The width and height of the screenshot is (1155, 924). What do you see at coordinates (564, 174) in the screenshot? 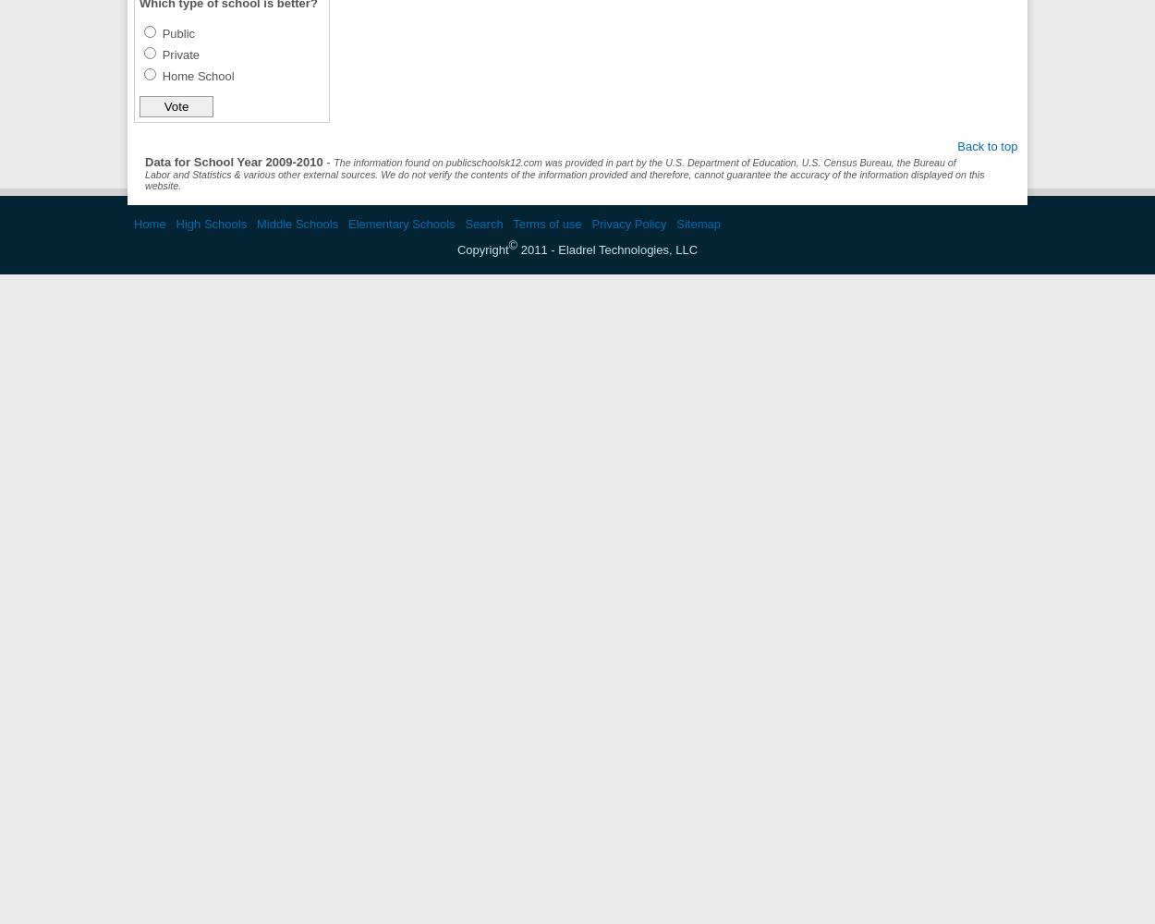
I see `'The information found on publicschoolsk12.com was provided in part by the U.S. Department of Education, U.S. Census Bureau, the Bureau of Labor and Statistics & various other external sources. 
											We do not verify the contents of the information provided and therefore, cannot guarantee the accuracy of the information displayed on this website.'` at bounding box center [564, 174].